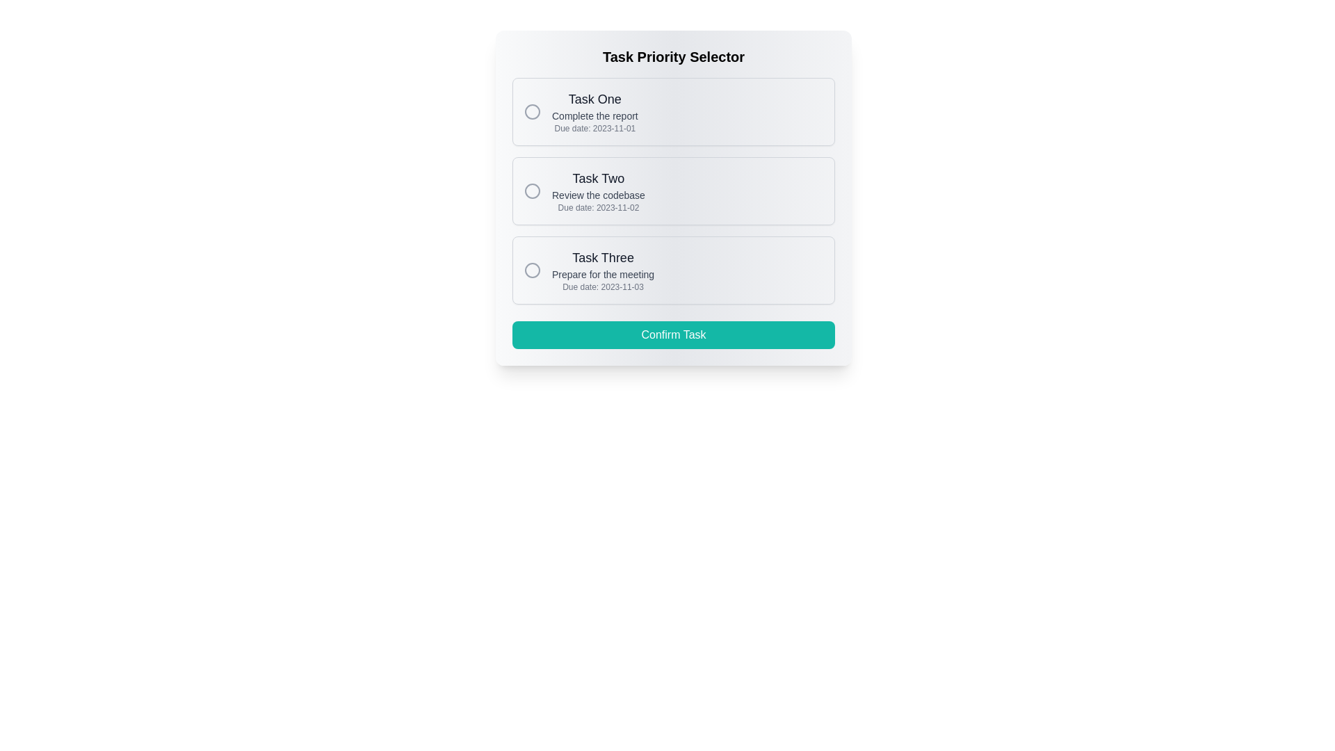  Describe the element at coordinates (674, 335) in the screenshot. I see `the 'Confirm Task' button with a teal background and white text to confirm the selected task` at that location.